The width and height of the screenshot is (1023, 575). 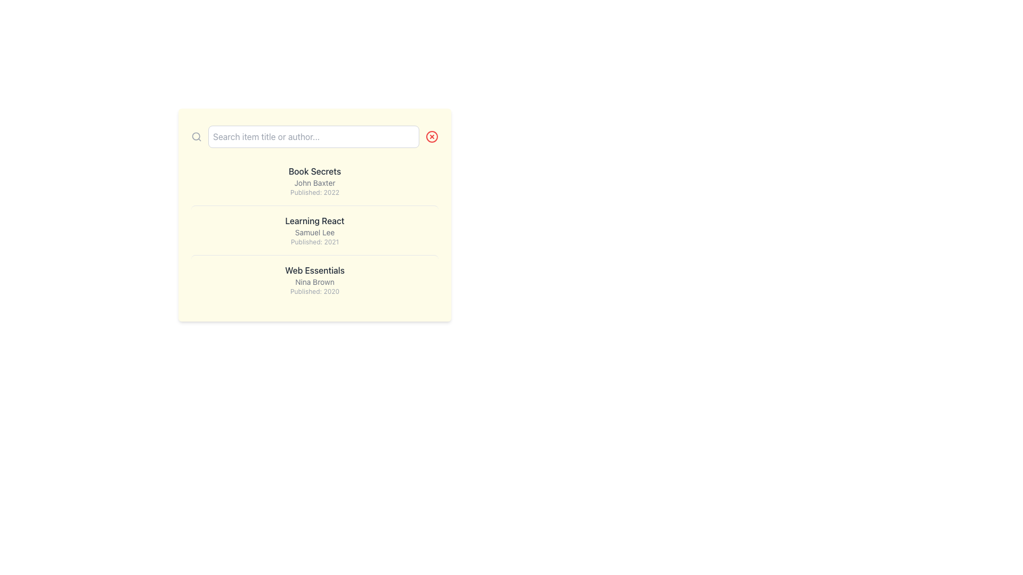 I want to click on the third selectable card in the dropdown list that provides information about a book, including its title, author, and publication year, so click(x=314, y=278).